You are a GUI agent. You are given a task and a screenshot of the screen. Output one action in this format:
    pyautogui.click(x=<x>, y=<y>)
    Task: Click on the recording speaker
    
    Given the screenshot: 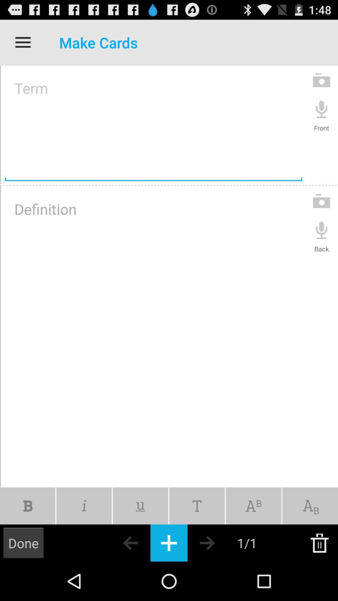 What is the action you would take?
    pyautogui.click(x=321, y=109)
    